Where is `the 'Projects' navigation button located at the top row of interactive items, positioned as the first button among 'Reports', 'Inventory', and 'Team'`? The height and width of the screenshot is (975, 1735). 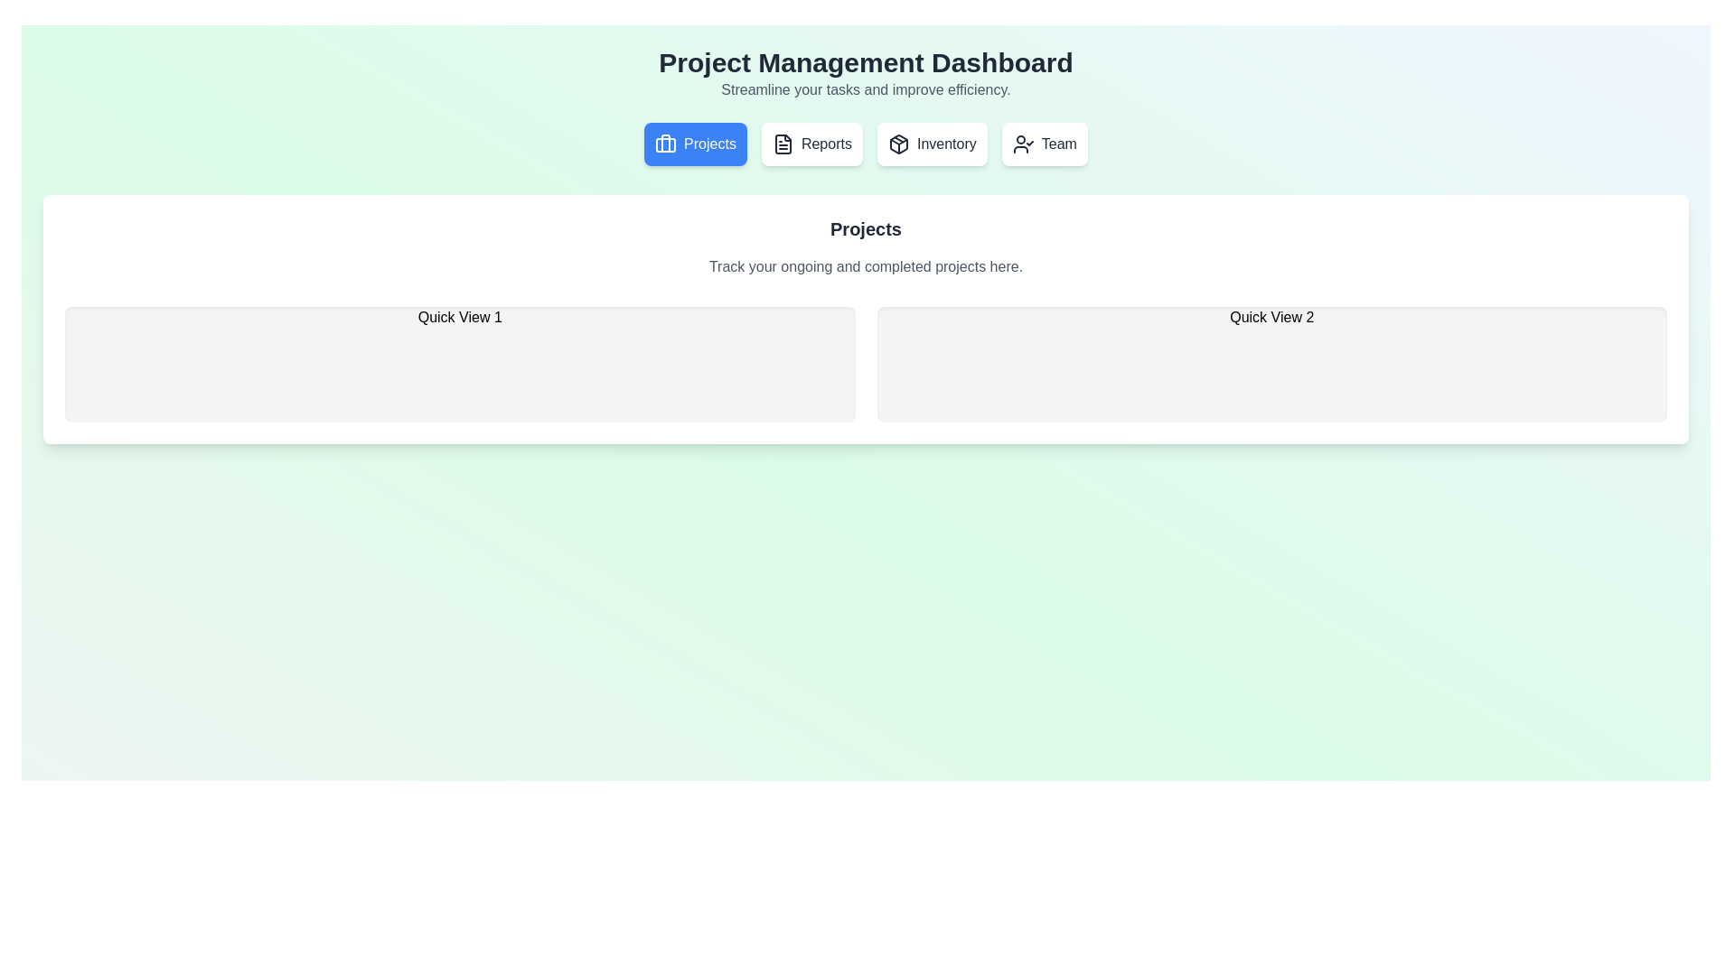 the 'Projects' navigation button located at the top row of interactive items, positioned as the first button among 'Reports', 'Inventory', and 'Team' is located at coordinates (694, 143).